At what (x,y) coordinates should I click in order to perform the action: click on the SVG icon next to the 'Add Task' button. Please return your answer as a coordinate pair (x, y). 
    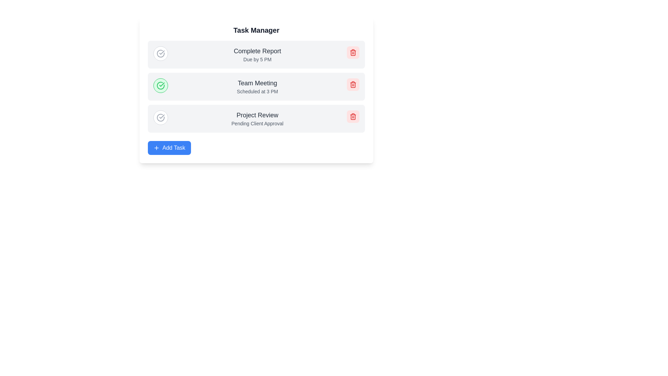
    Looking at the image, I should click on (156, 147).